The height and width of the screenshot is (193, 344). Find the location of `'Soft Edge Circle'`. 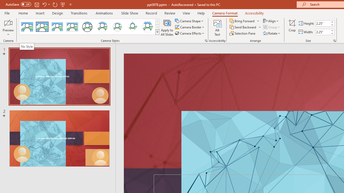

'Soft Edge Circle' is located at coordinates (117, 27).